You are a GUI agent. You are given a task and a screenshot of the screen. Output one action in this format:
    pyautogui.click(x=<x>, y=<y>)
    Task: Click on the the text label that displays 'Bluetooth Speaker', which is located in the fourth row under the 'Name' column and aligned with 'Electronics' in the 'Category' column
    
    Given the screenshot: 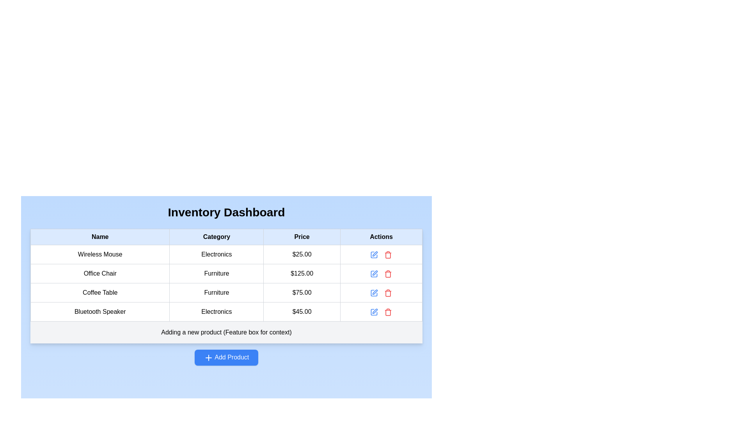 What is the action you would take?
    pyautogui.click(x=99, y=311)
    